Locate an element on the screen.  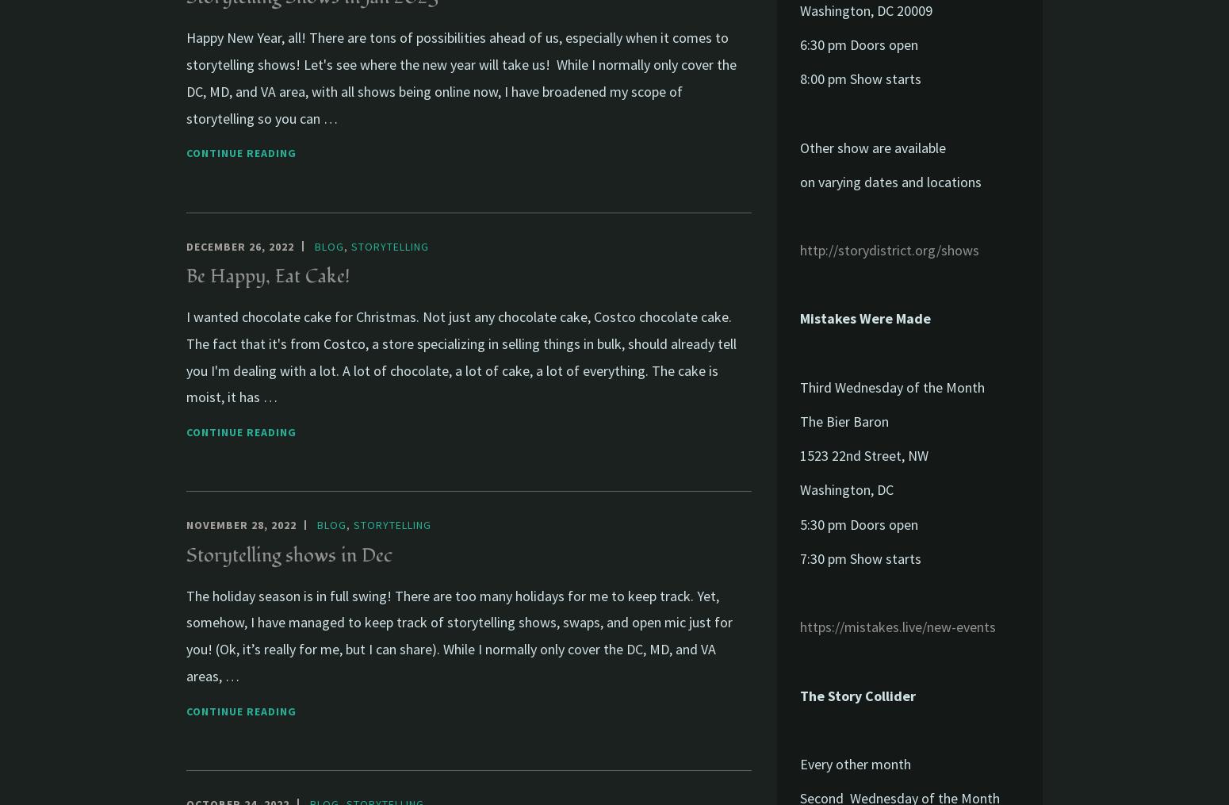
'on varying dates and locations' is located at coordinates (890, 181).